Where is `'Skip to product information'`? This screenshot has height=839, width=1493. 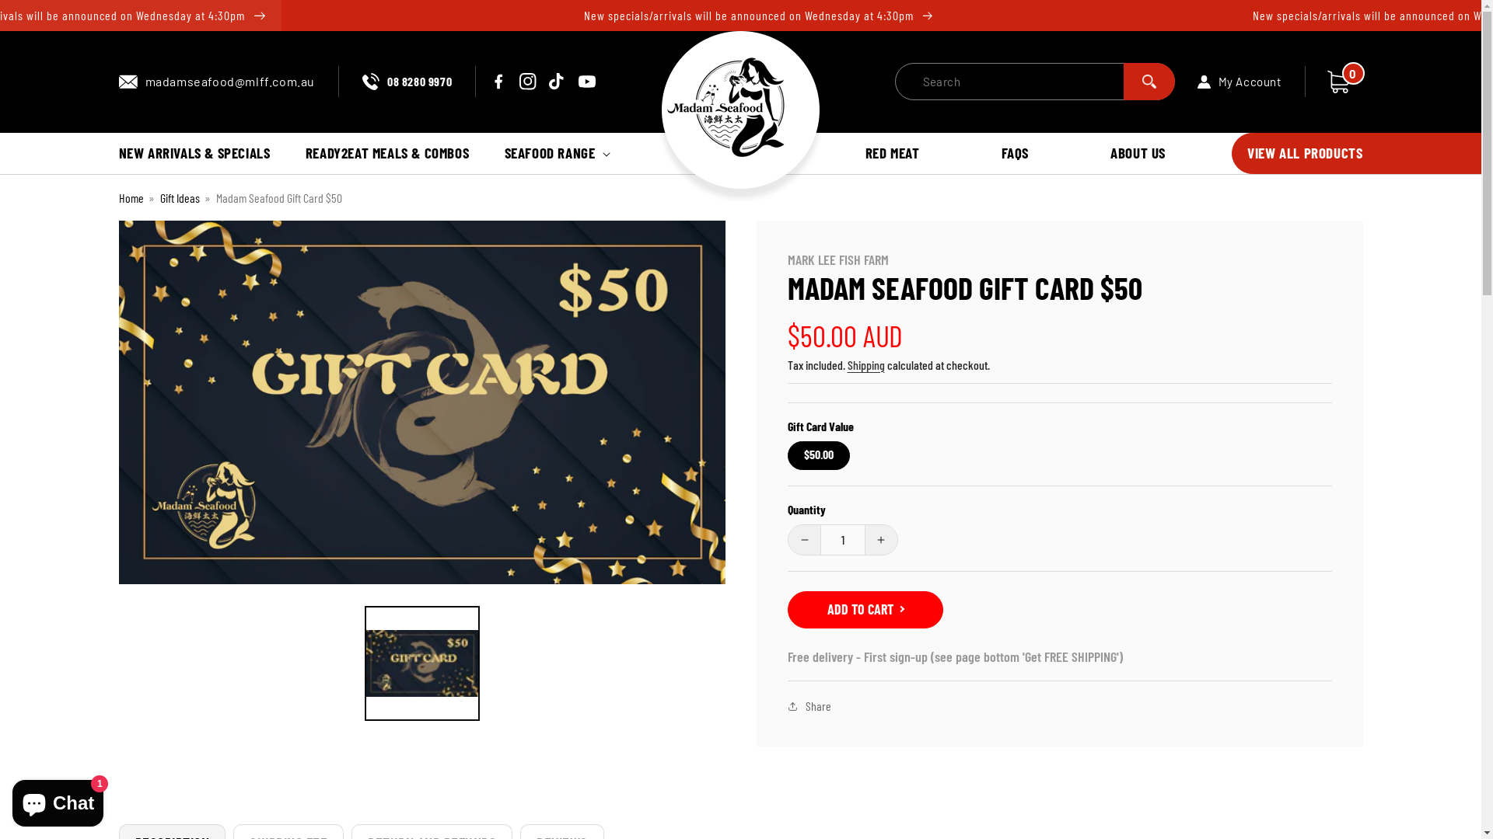
'Skip to product information' is located at coordinates (165, 238).